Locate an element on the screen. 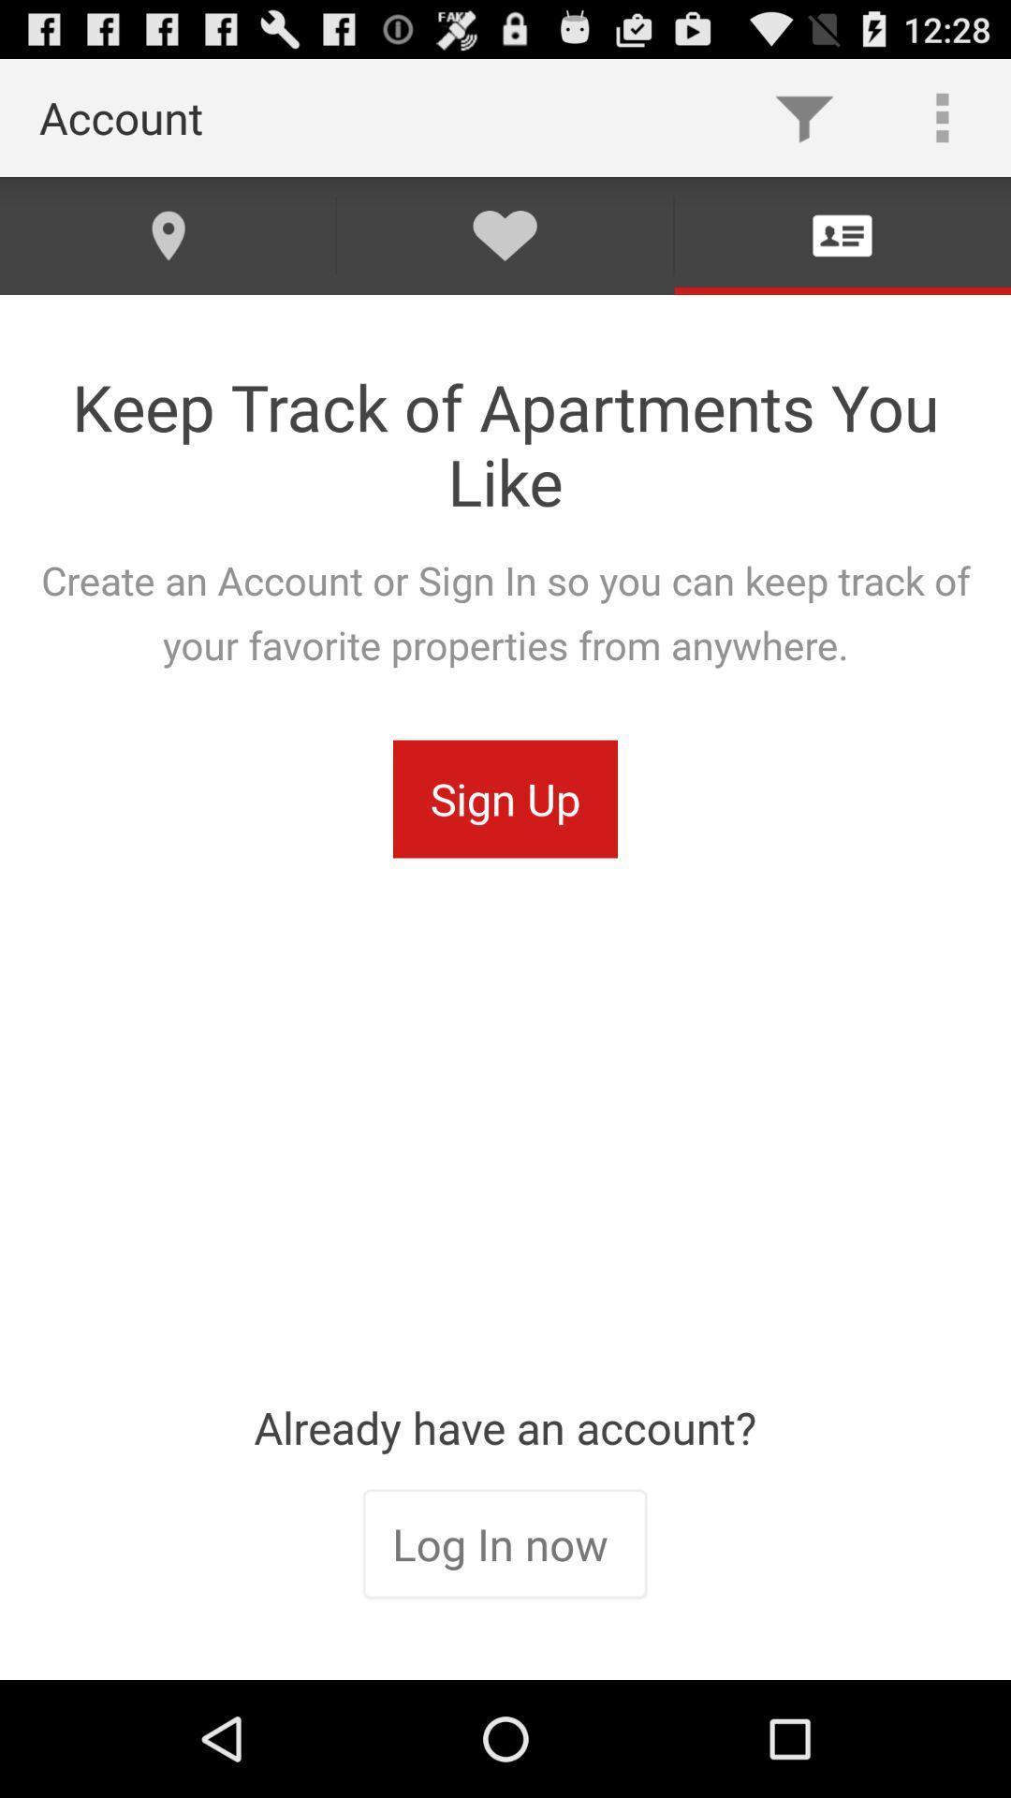  item below the create an account icon is located at coordinates (505, 799).